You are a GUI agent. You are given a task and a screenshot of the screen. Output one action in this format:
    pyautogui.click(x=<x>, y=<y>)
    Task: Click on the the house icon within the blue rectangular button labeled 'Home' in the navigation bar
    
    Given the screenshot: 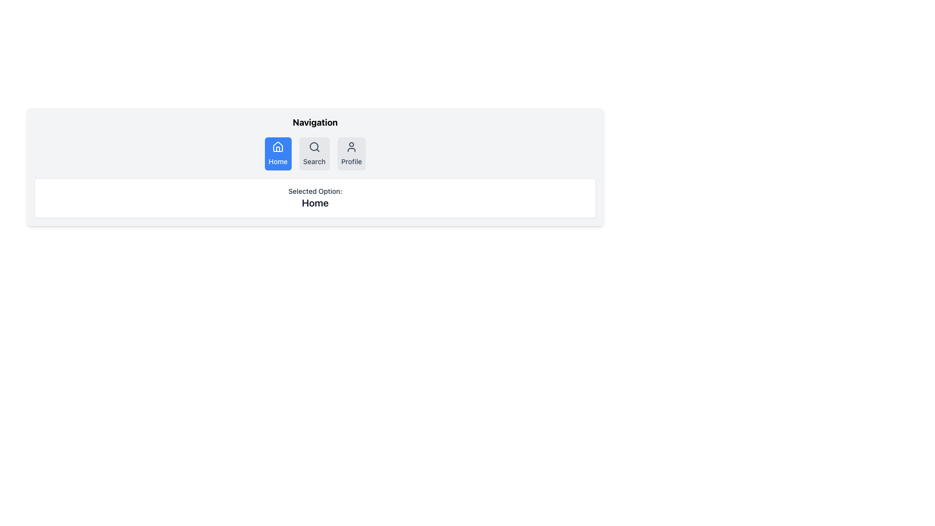 What is the action you would take?
    pyautogui.click(x=278, y=147)
    